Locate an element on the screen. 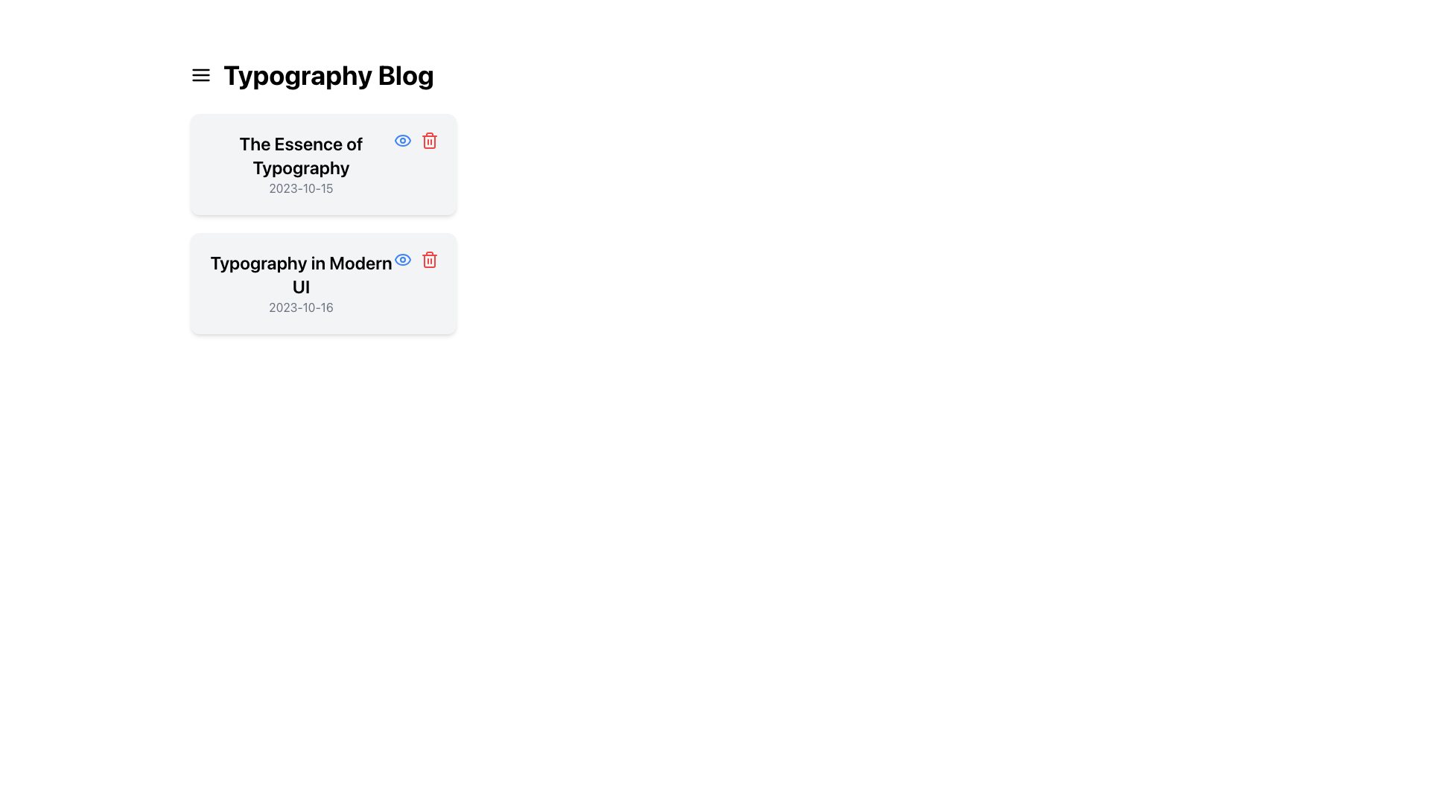 The image size is (1430, 804). the visibility button located on the right side of the 'Typography in Modern UI' card is located at coordinates (403, 141).